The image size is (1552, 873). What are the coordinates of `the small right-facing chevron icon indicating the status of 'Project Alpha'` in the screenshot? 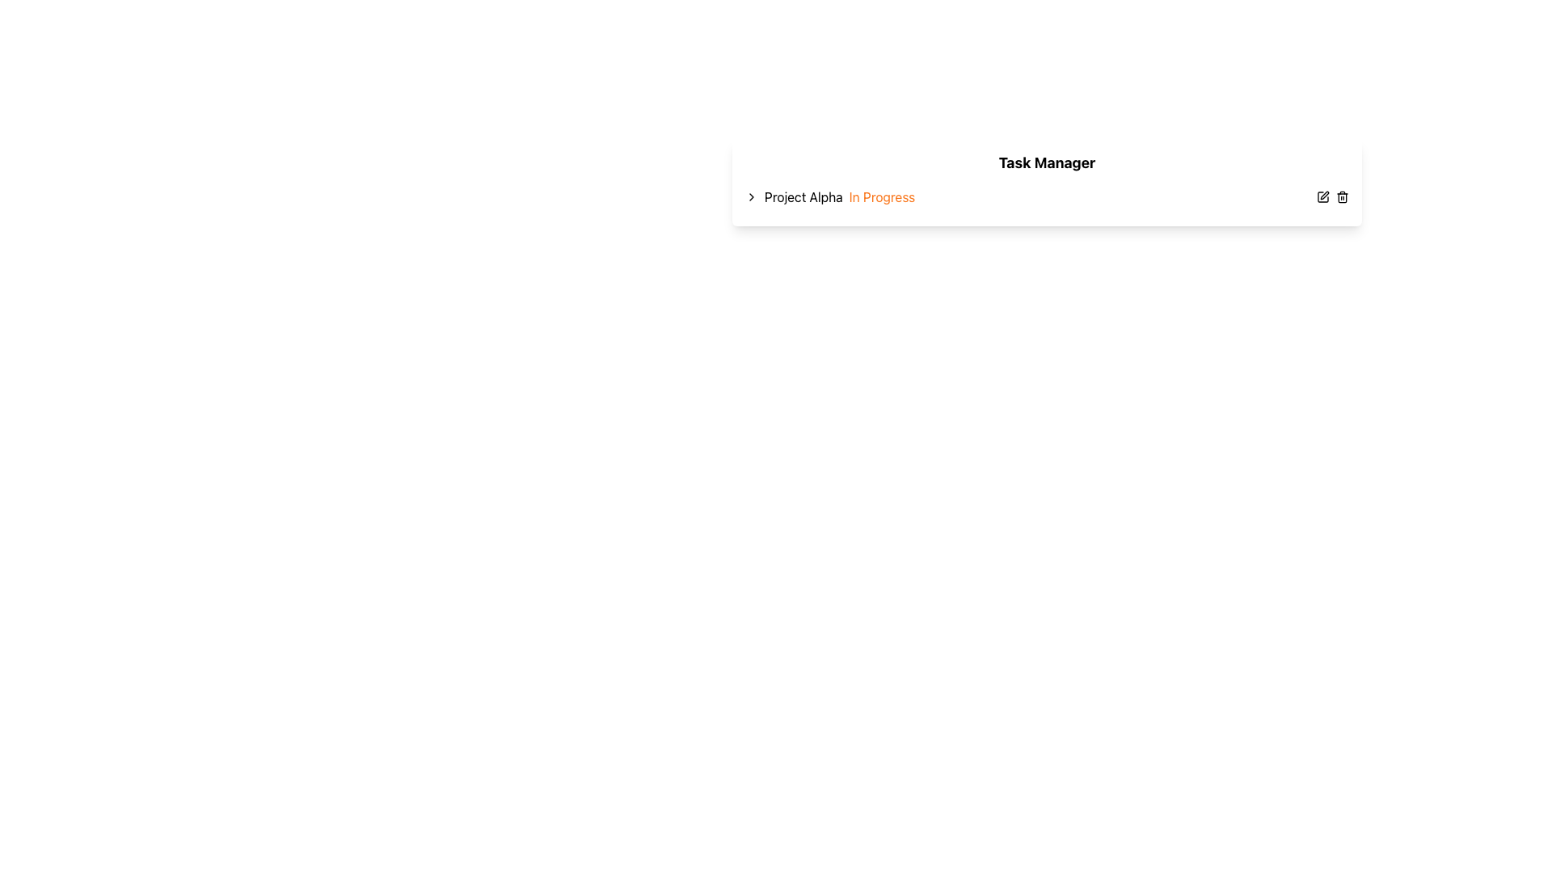 It's located at (751, 196).